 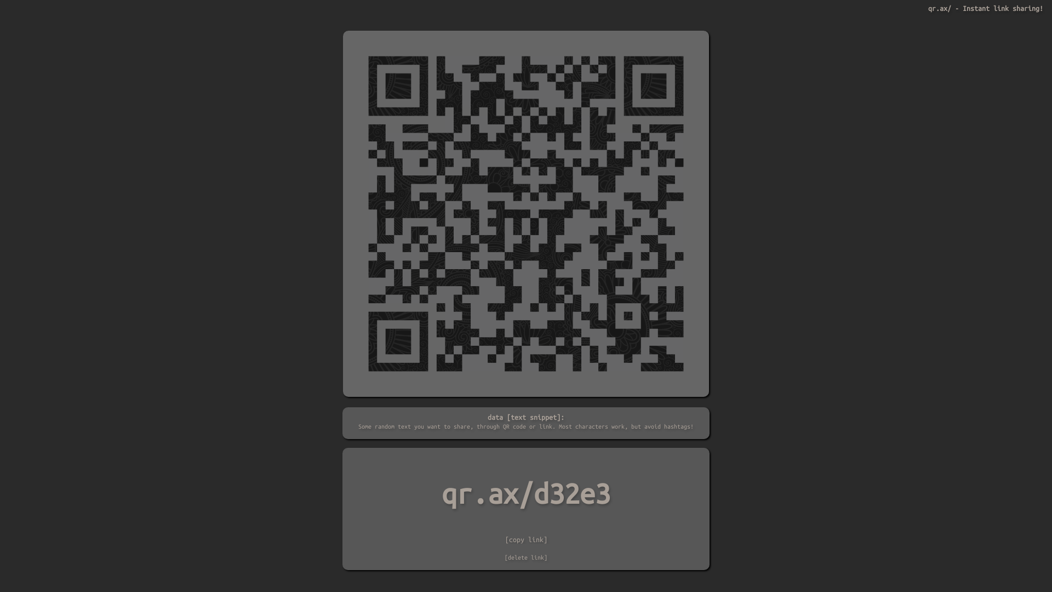 What do you see at coordinates (986, 8) in the screenshot?
I see `'qr.ax/ - Instant link sharing!'` at bounding box center [986, 8].